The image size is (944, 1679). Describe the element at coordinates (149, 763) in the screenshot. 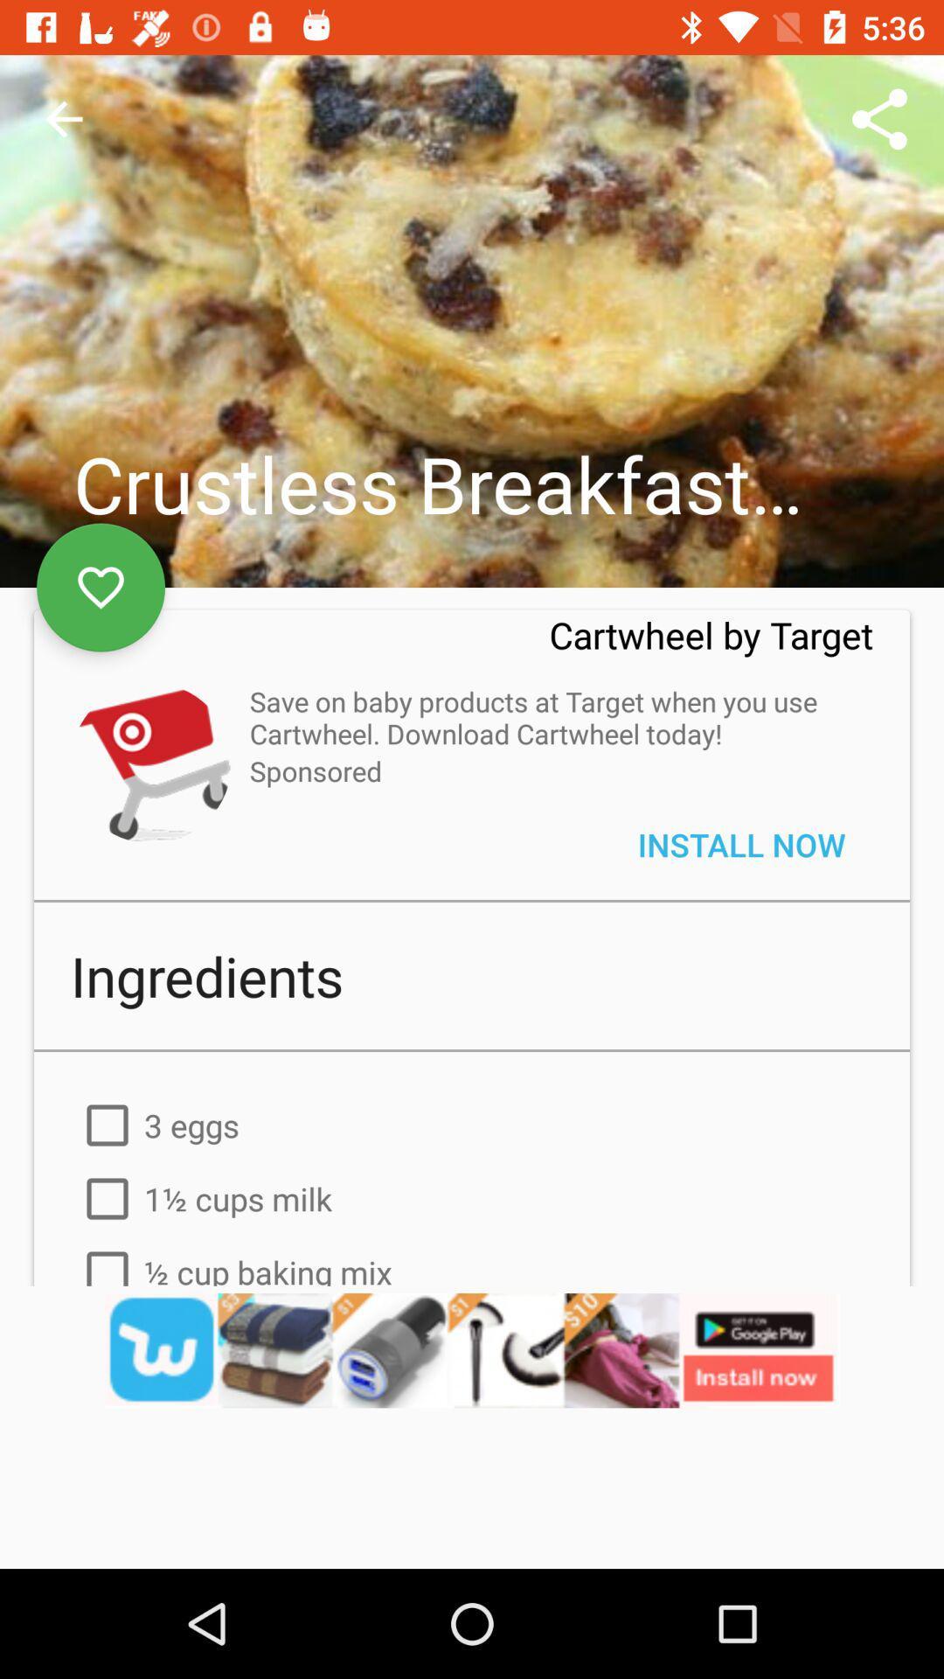

I see `open cart` at that location.